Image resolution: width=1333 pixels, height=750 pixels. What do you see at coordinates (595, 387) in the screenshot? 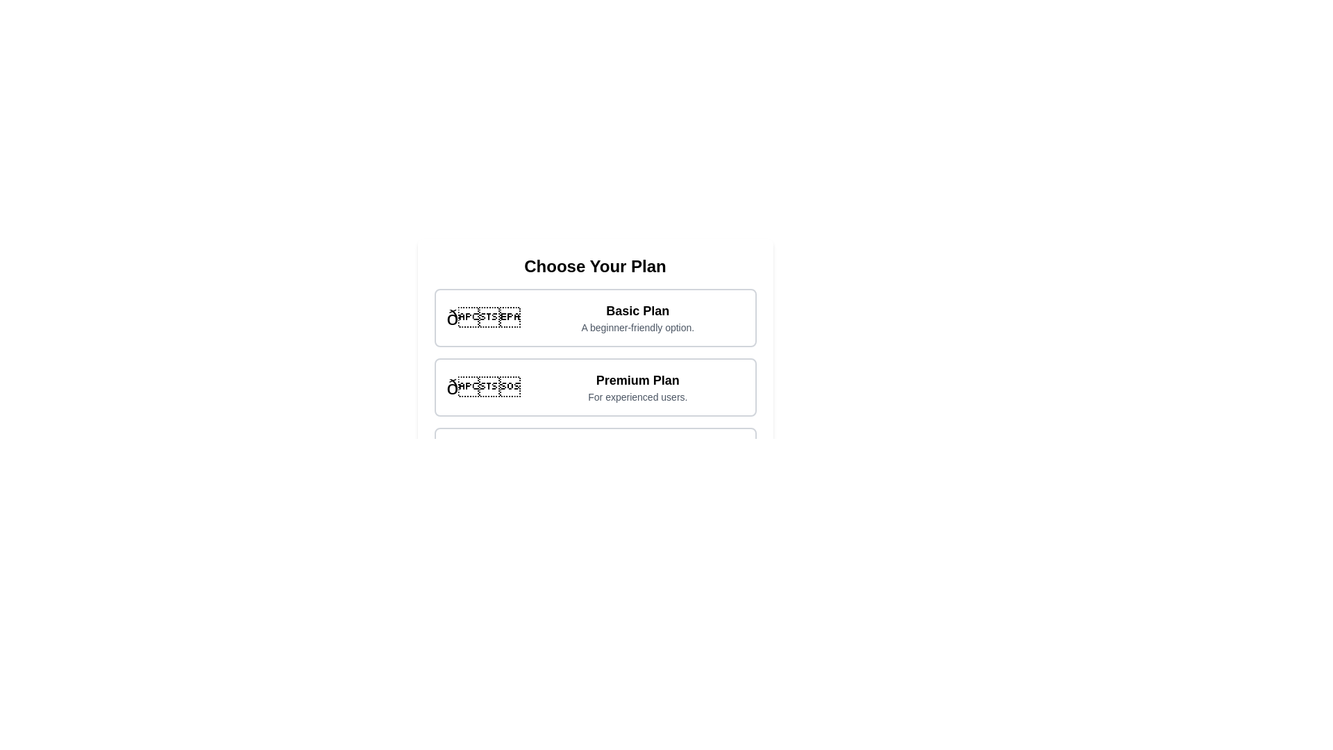
I see `the Selectable Card labeled 'Premium Plan' that features a bolded title and subtext, located in the center of a vertical stack of cards` at bounding box center [595, 387].